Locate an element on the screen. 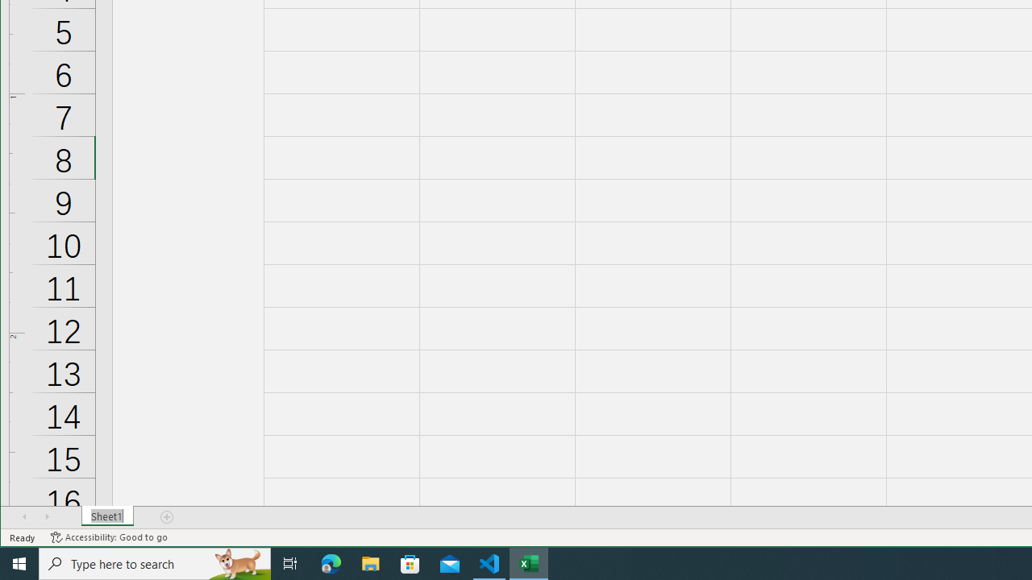 The width and height of the screenshot is (1032, 580). 'Type here to search' is located at coordinates (155, 562).